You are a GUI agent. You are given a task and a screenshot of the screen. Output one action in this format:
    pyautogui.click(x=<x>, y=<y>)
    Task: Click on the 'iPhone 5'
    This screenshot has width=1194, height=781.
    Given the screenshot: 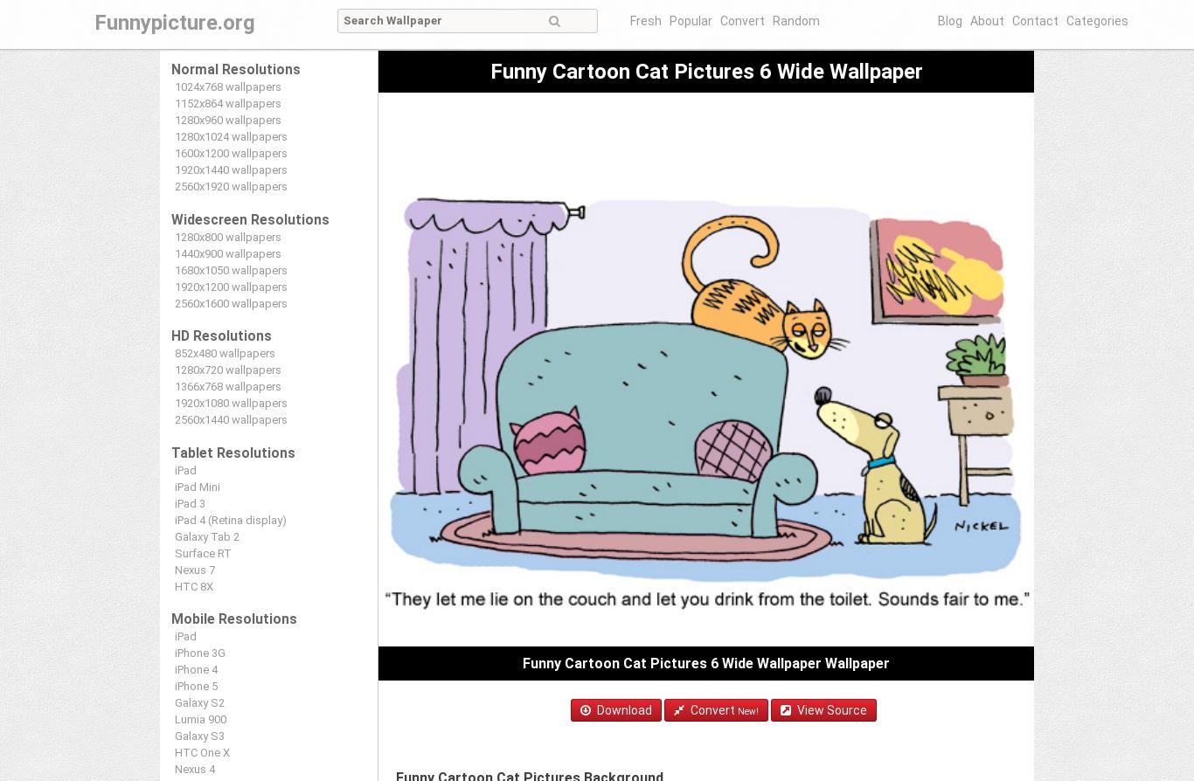 What is the action you would take?
    pyautogui.click(x=173, y=685)
    